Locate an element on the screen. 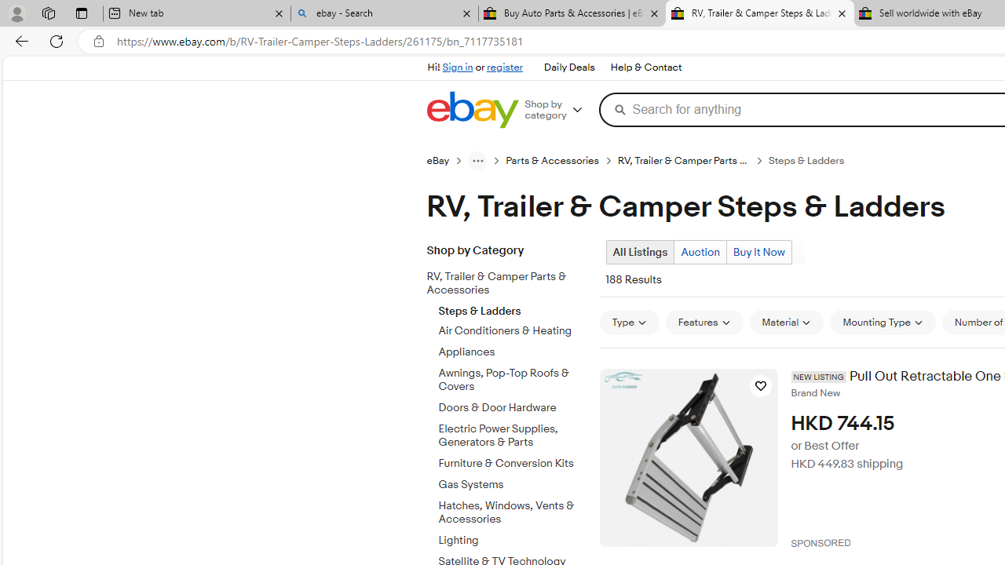 The height and width of the screenshot is (565, 1005). 'Help & Contact' is located at coordinates (645, 67).